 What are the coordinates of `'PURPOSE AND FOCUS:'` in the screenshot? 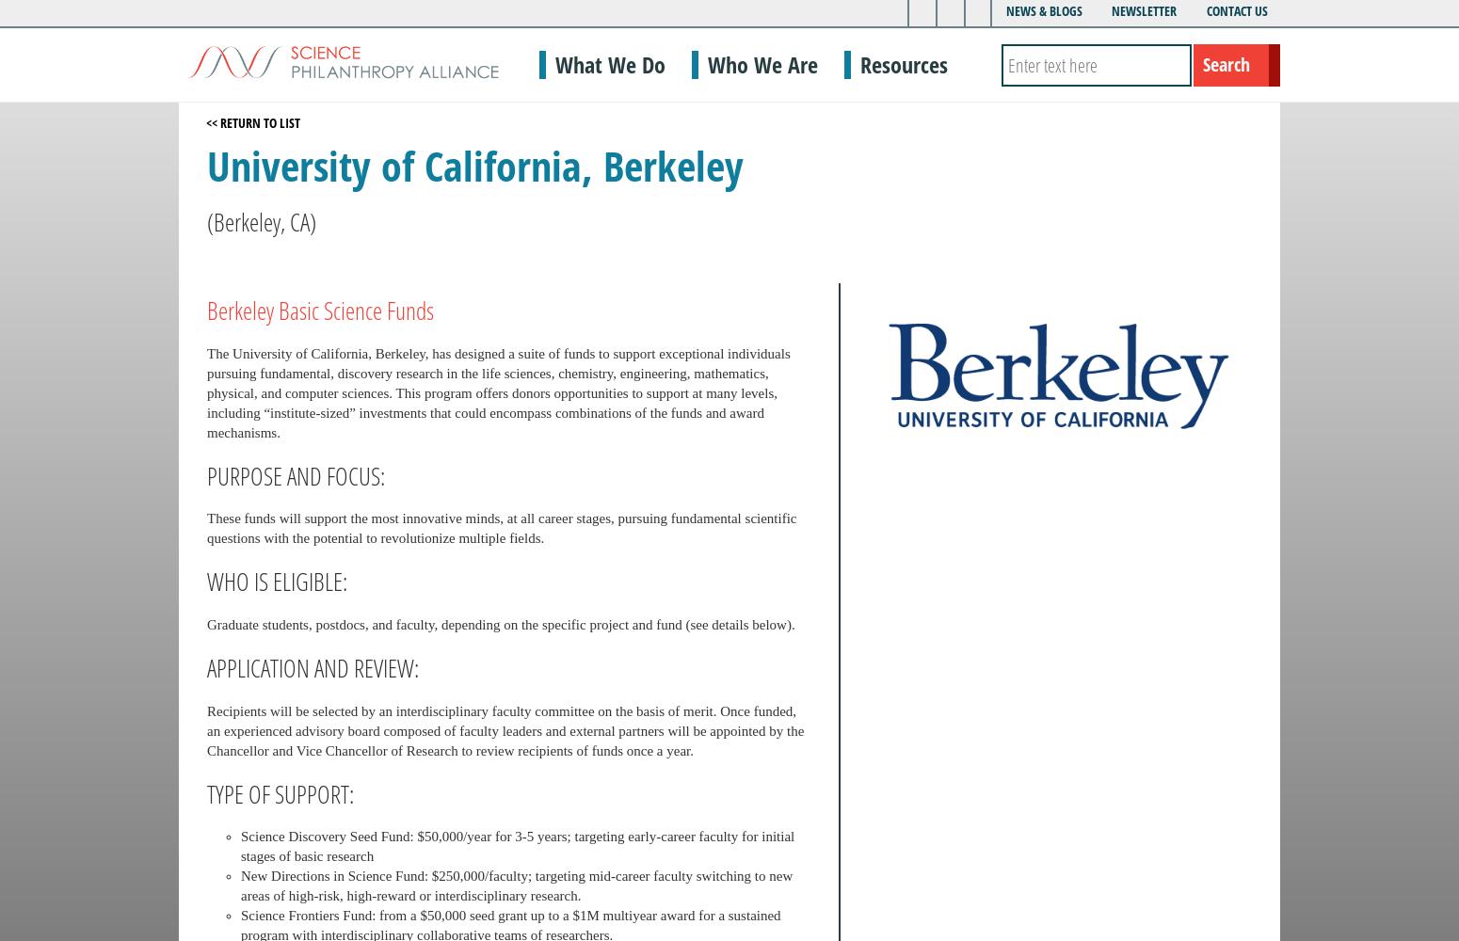 It's located at (295, 475).